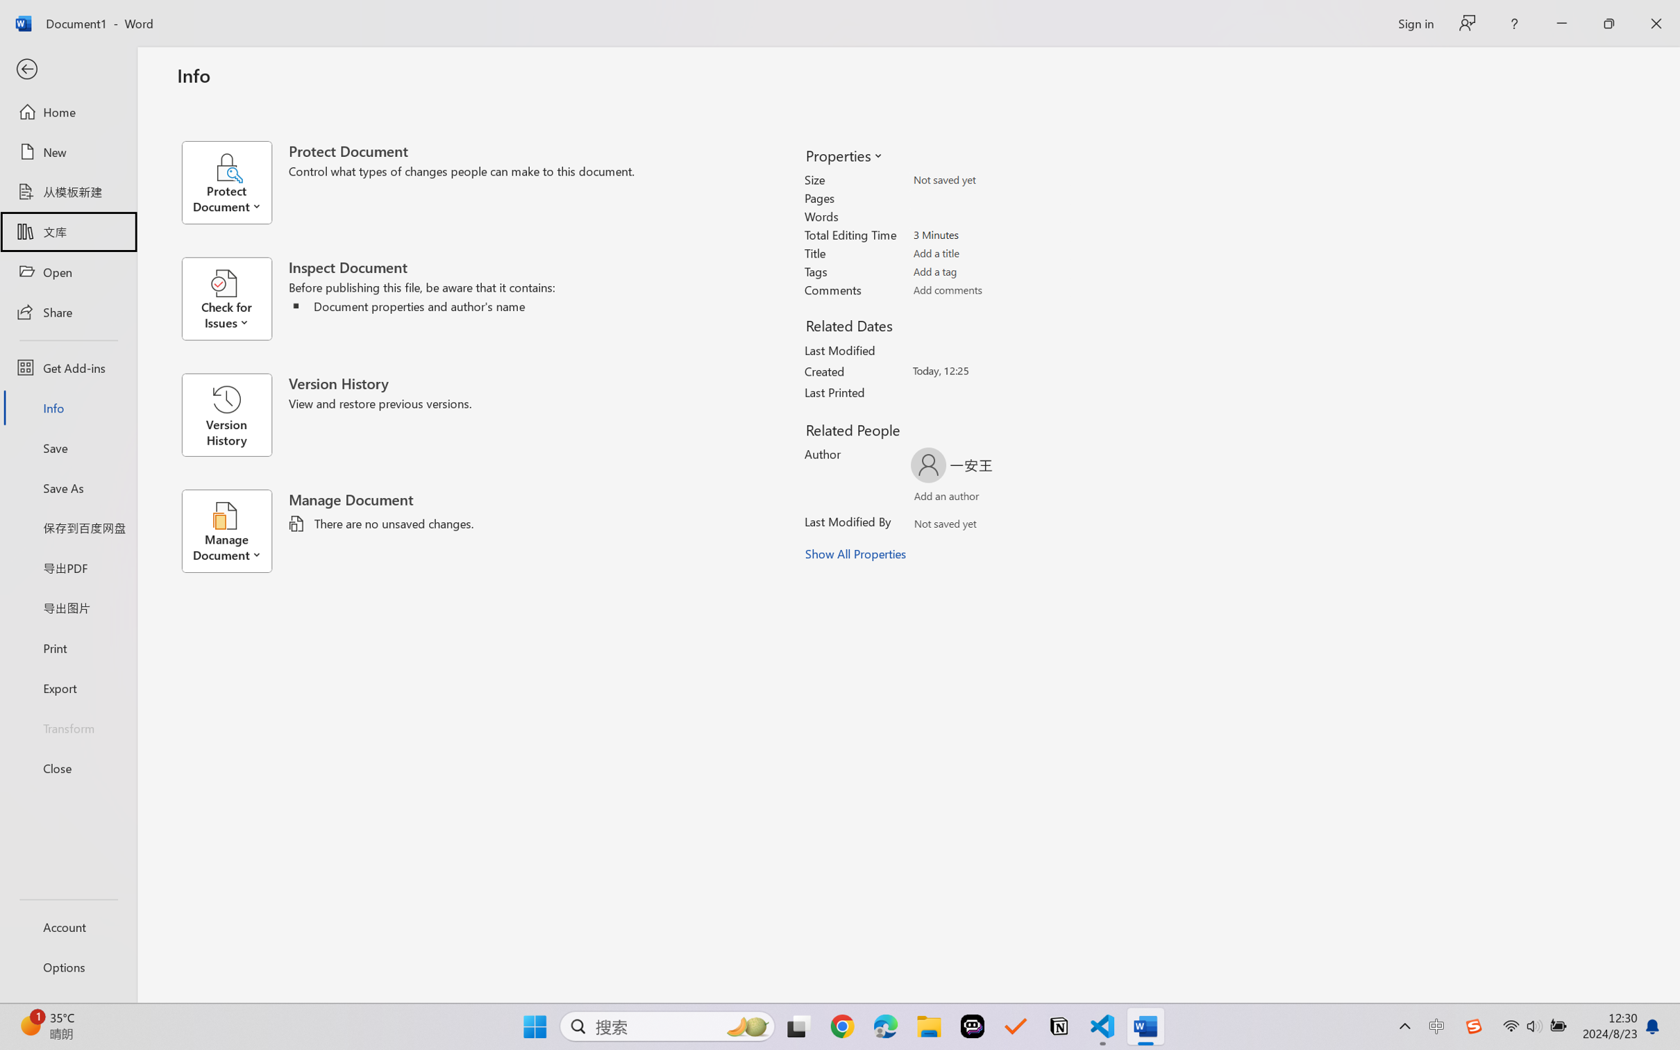 The image size is (1680, 1050). Describe the element at coordinates (67, 648) in the screenshot. I see `'Print'` at that location.